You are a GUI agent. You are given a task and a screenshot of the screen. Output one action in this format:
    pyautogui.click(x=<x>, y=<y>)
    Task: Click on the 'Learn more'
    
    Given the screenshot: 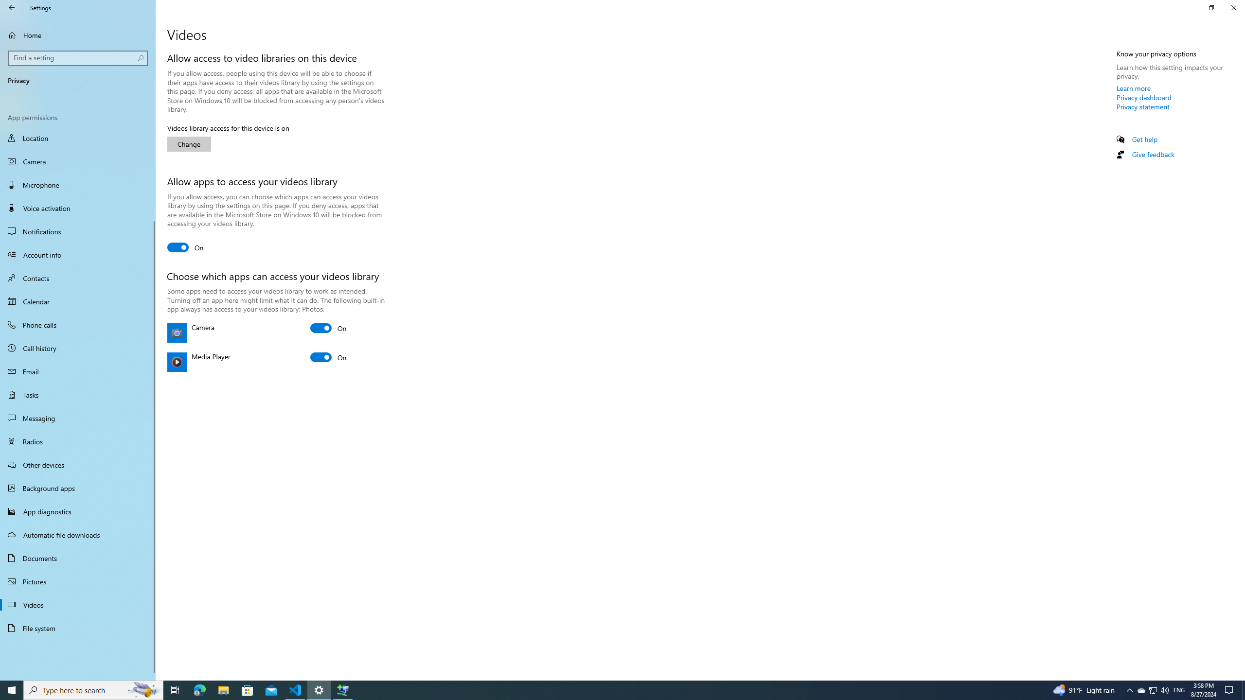 What is the action you would take?
    pyautogui.click(x=1134, y=87)
    